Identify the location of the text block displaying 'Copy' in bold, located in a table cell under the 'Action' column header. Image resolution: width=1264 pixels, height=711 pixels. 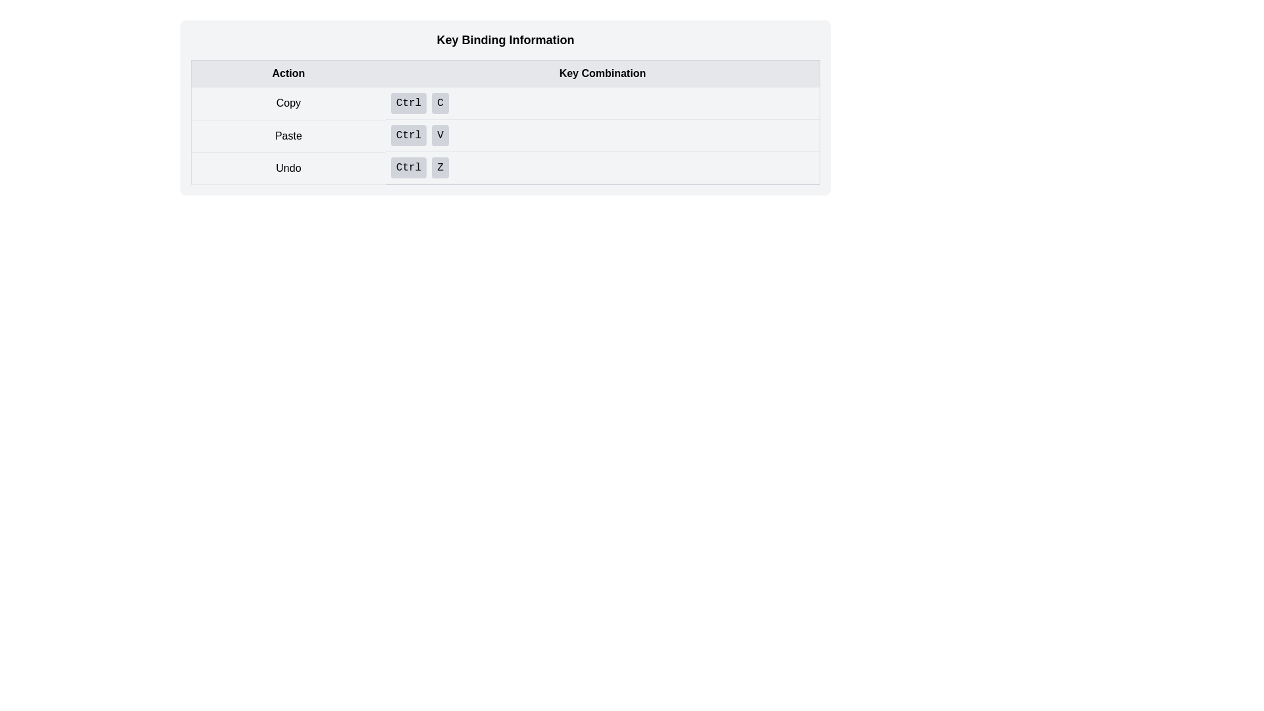
(288, 103).